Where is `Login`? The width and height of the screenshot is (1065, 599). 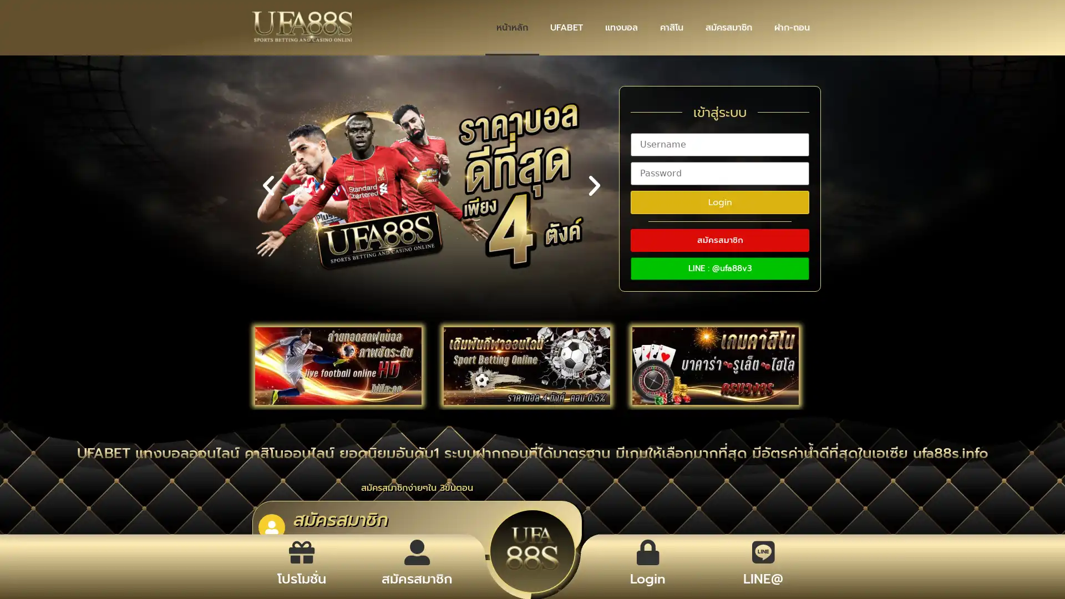
Login is located at coordinates (719, 201).